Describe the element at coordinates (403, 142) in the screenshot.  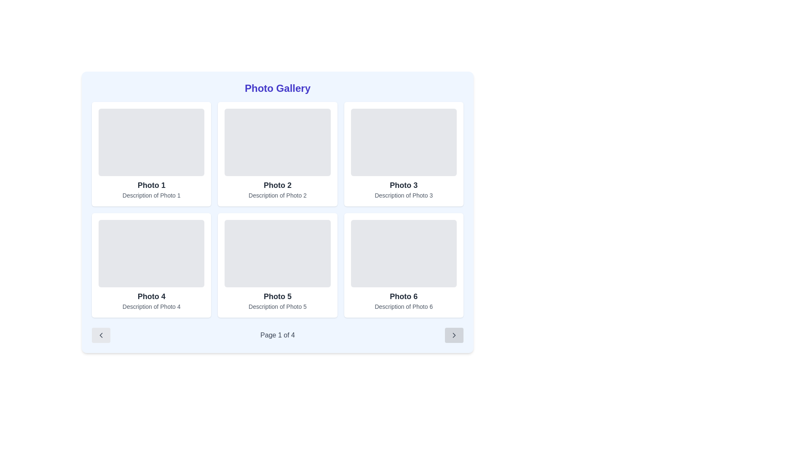
I see `the light gray rectangular placeholder with rounded corners located at the top portion of the card labeled 'Photo 3' in the grid layout` at that location.